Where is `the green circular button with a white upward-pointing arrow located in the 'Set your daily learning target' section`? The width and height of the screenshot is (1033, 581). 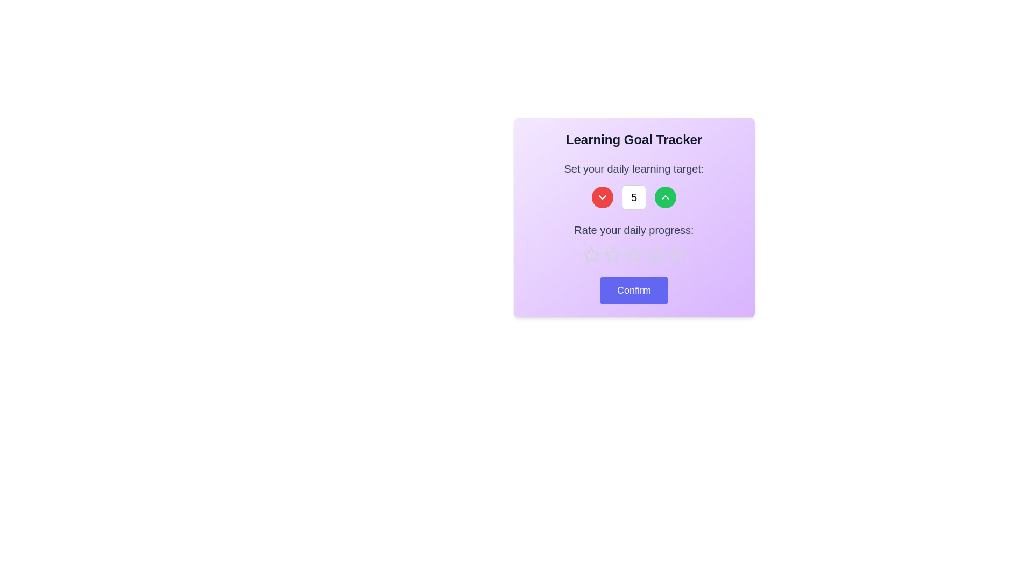 the green circular button with a white upward-pointing arrow located in the 'Set your daily learning target' section is located at coordinates (665, 197).